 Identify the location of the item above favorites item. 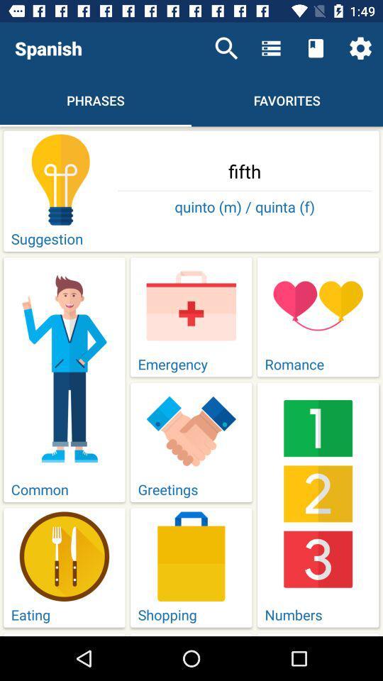
(271, 48).